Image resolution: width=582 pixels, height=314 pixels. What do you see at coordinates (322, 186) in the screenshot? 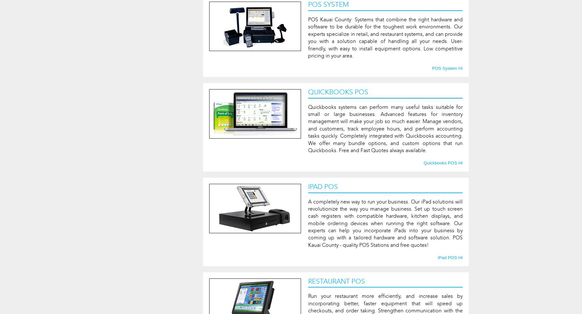
I see `'iPad POS'` at bounding box center [322, 186].